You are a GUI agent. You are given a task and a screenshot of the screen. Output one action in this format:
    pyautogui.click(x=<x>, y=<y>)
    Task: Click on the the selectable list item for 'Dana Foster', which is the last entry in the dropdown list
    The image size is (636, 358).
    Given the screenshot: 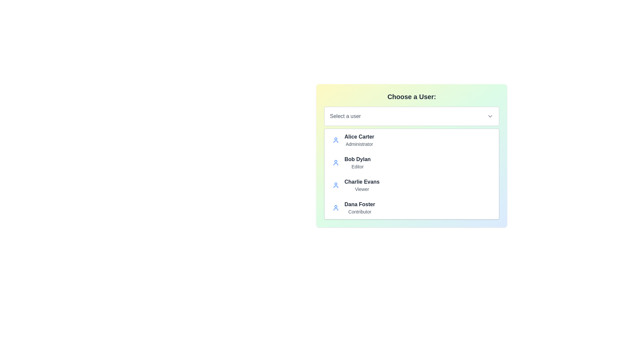 What is the action you would take?
    pyautogui.click(x=411, y=208)
    